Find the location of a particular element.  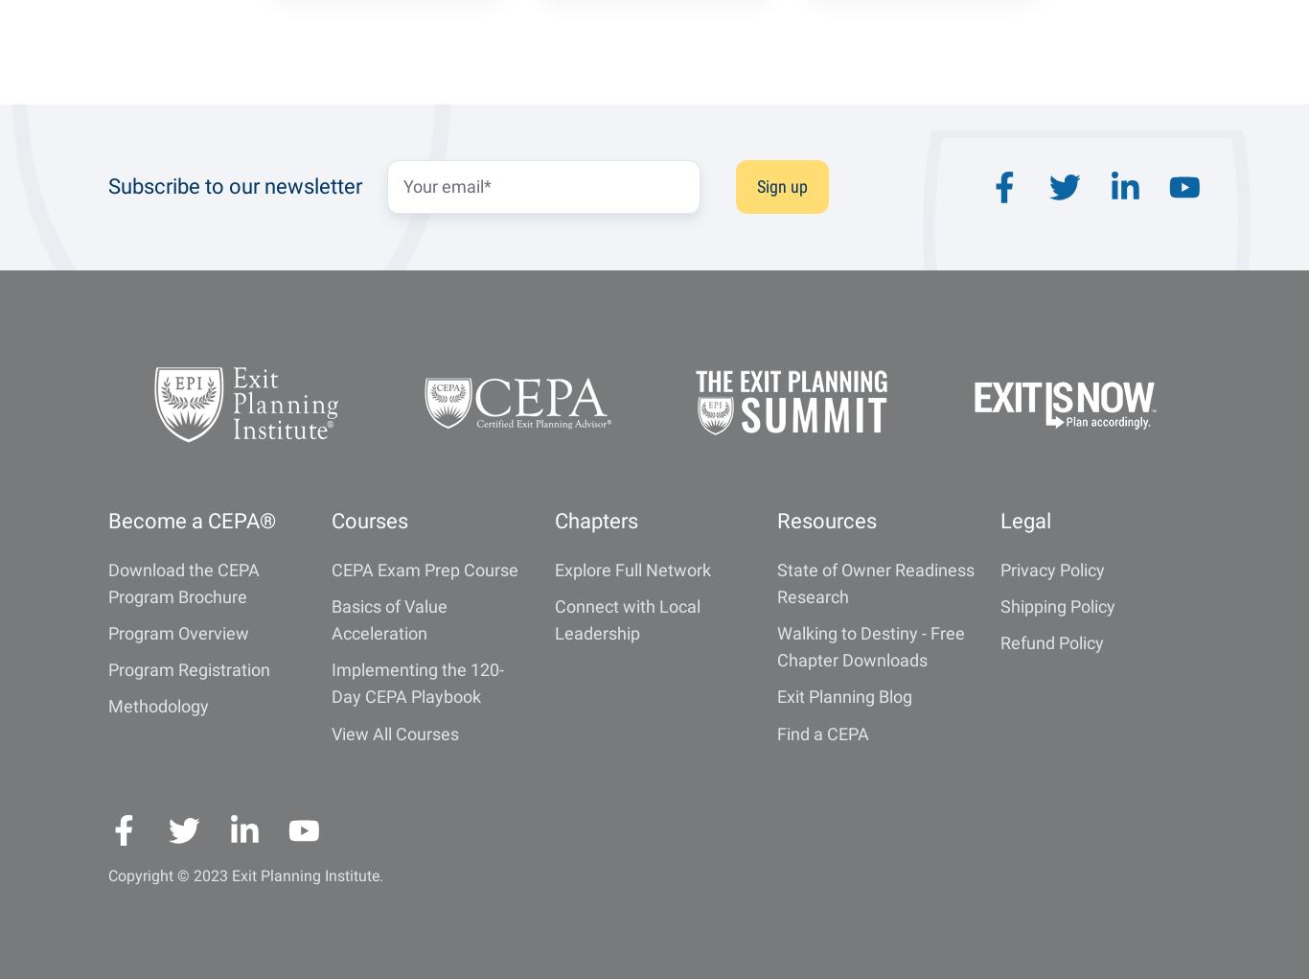

'Explore Full Network' is located at coordinates (552, 569).